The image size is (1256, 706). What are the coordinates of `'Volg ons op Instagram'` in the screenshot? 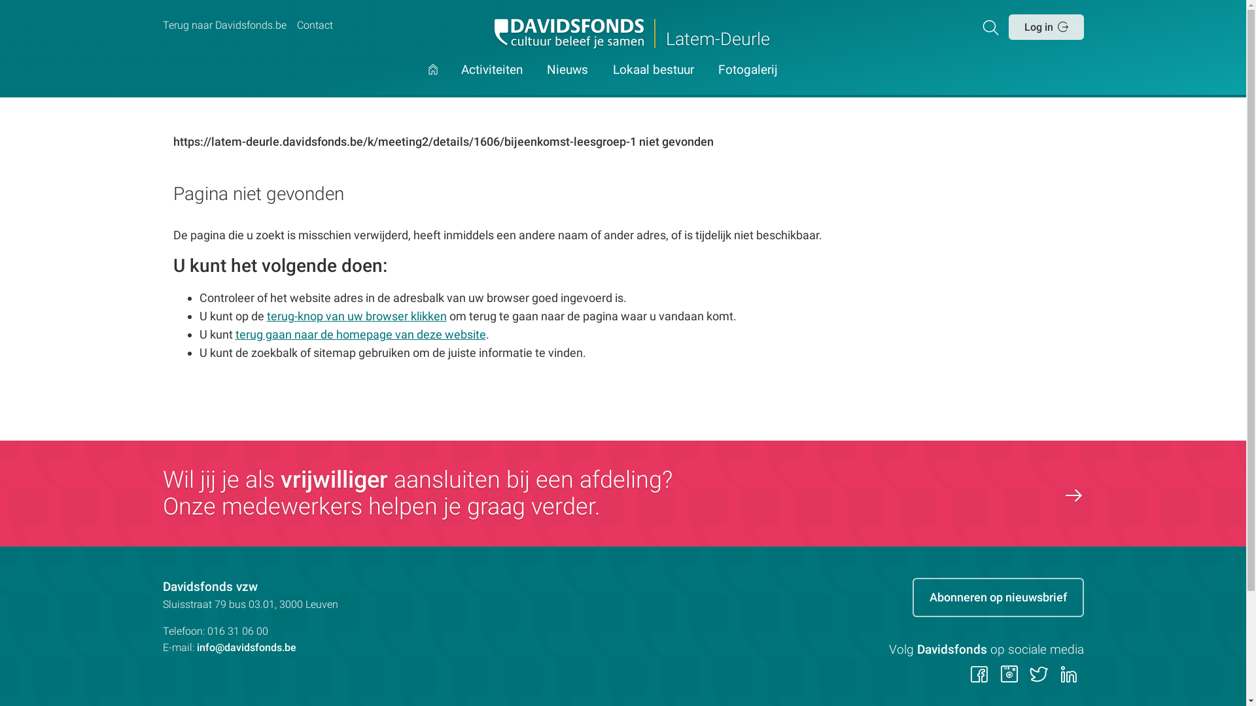 It's located at (1008, 675).